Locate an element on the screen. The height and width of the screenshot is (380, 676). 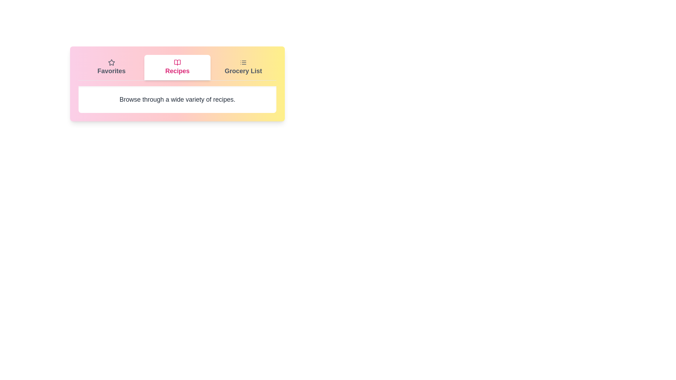
the Favorites tab is located at coordinates (111, 68).